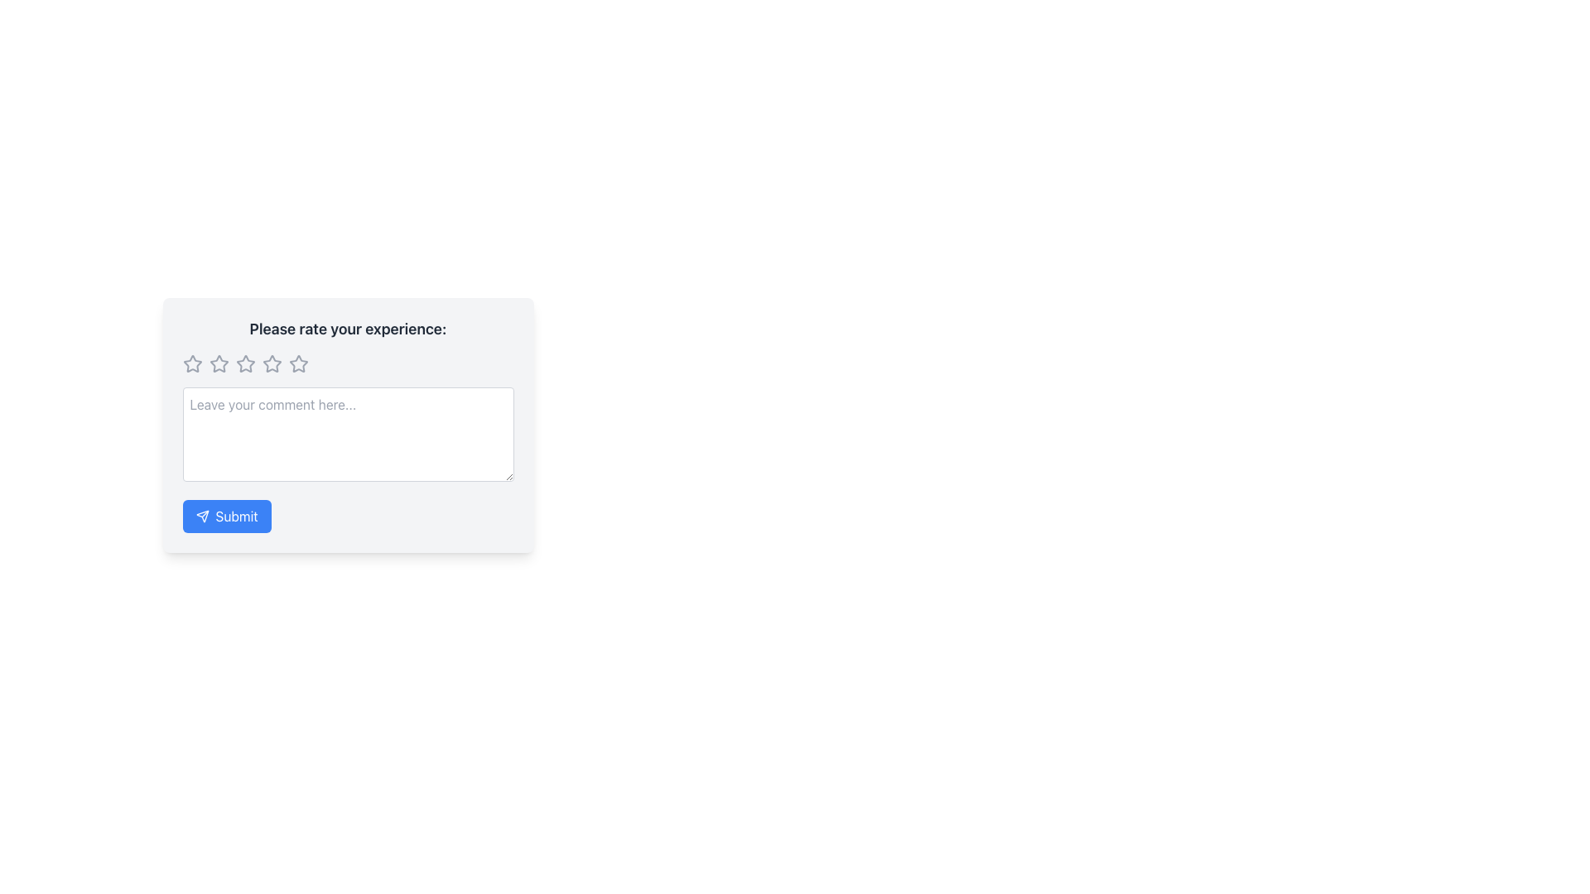 The image size is (1590, 894). I want to click on the first star icon in the rating component, so click(218, 363).